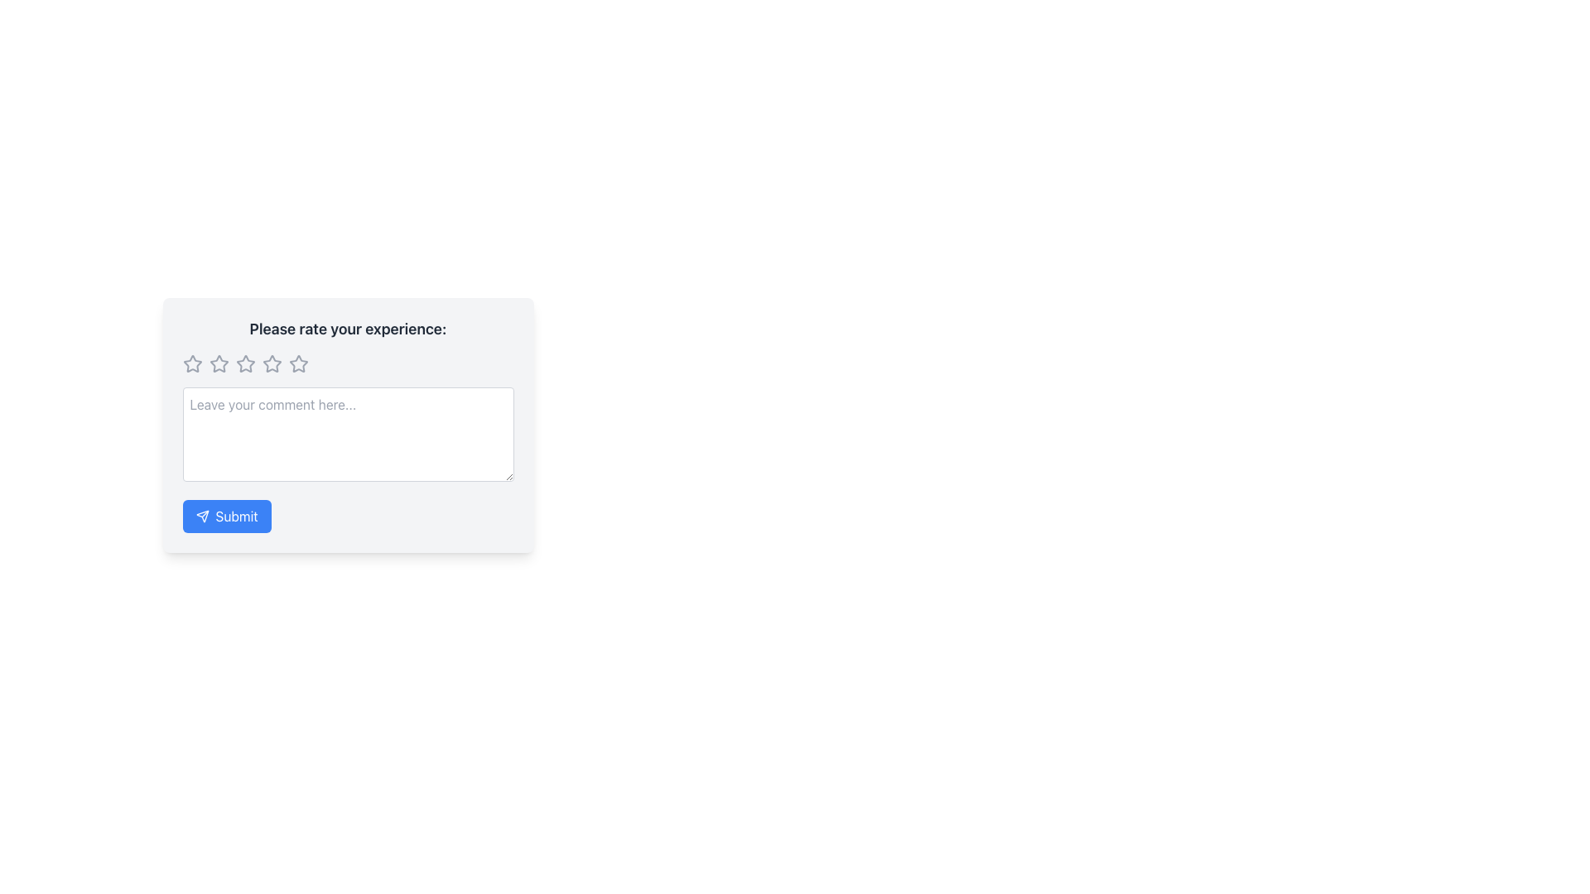 The image size is (1590, 894). I want to click on the first star icon in the rating component, so click(218, 363).